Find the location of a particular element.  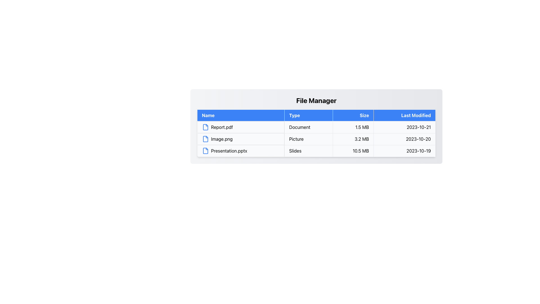

the Text Label indicating the type of the file in the second column of the first row of the table, which is adjacent to 'Report.pdf' and '1.5 MB' is located at coordinates (308, 127).